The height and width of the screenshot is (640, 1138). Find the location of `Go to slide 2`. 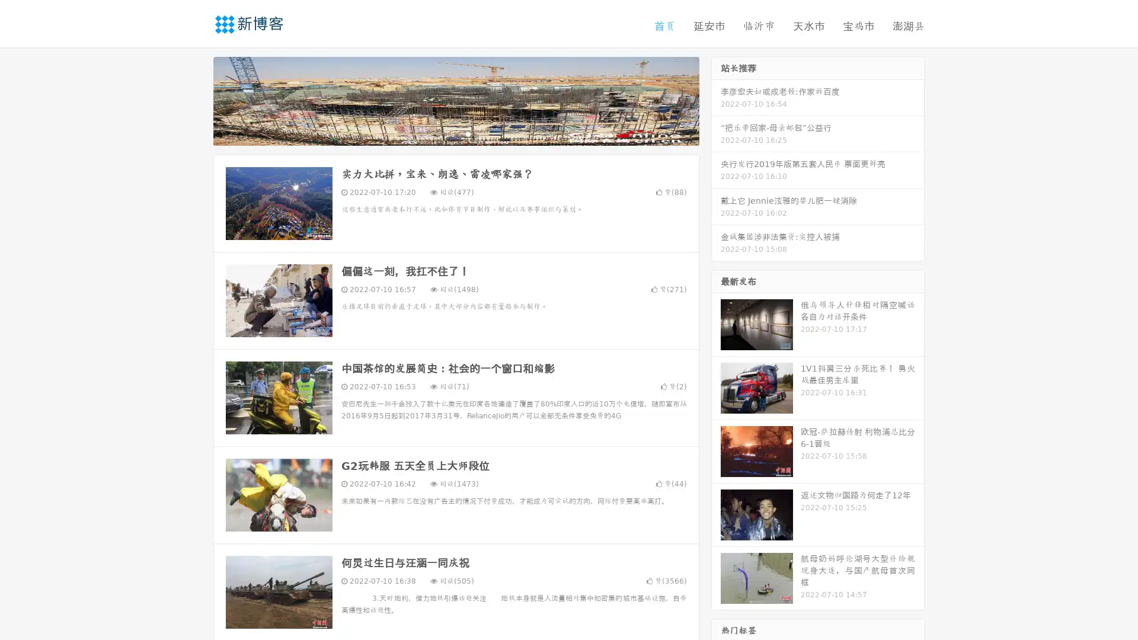

Go to slide 2 is located at coordinates (455, 133).